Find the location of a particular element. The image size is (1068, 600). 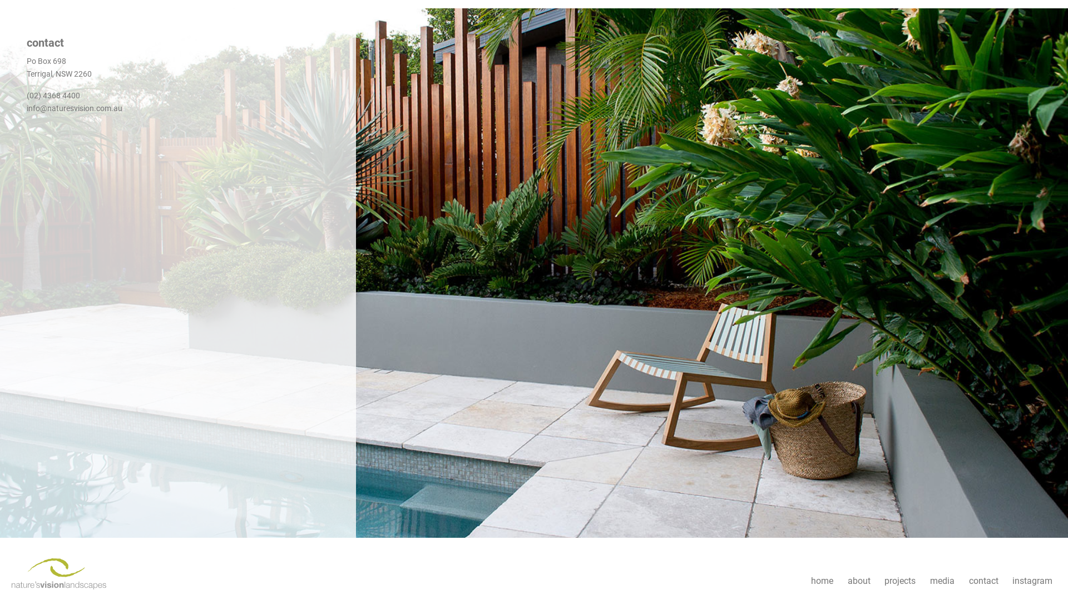

'about' is located at coordinates (840, 581).